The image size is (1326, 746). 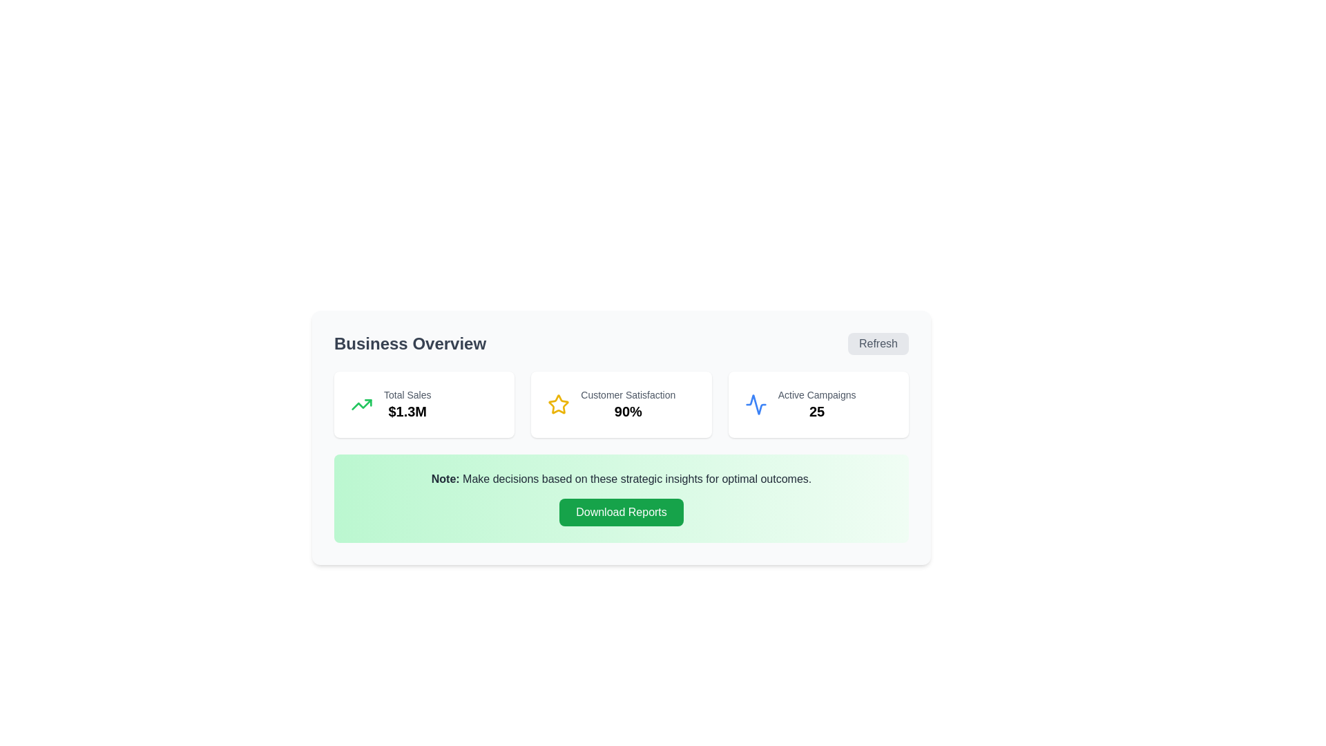 What do you see at coordinates (407, 411) in the screenshot?
I see `text displayed in the Text Label showing the monetary value '$1.3M', which is located below the 'Total Sales' label in the summary section` at bounding box center [407, 411].